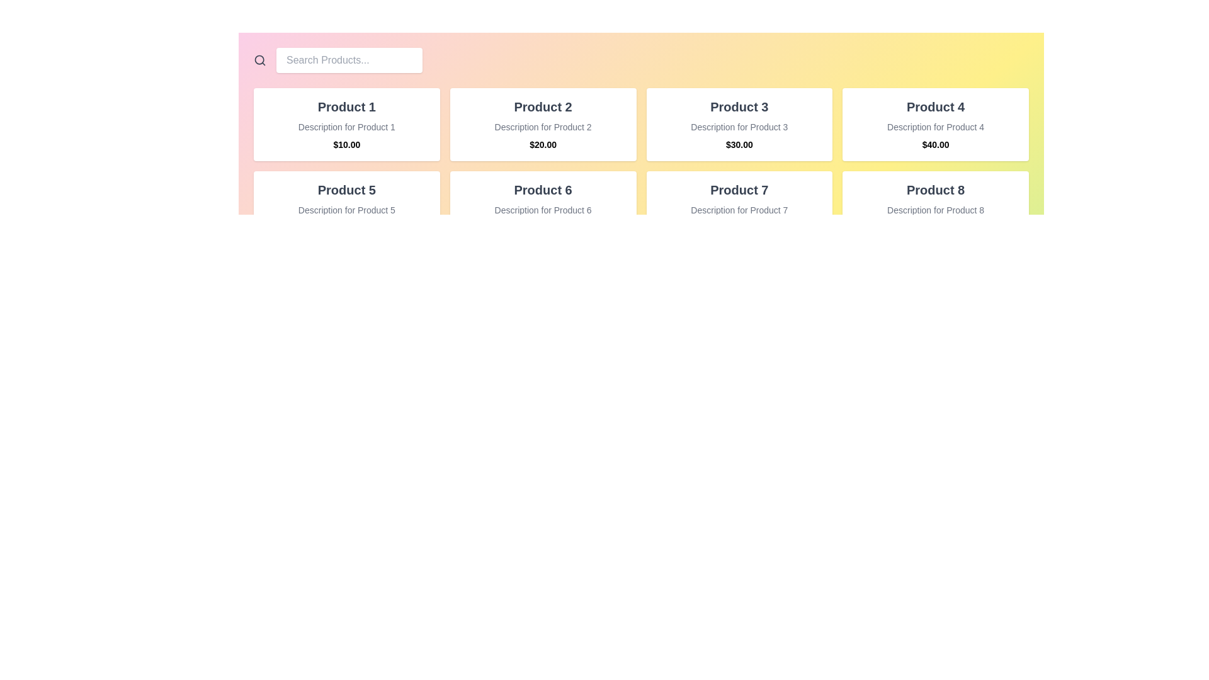 This screenshot has height=680, width=1209. I want to click on text element displaying 'Product 5' in bold grayish font, located in the second row of the product grid layout, so click(346, 190).